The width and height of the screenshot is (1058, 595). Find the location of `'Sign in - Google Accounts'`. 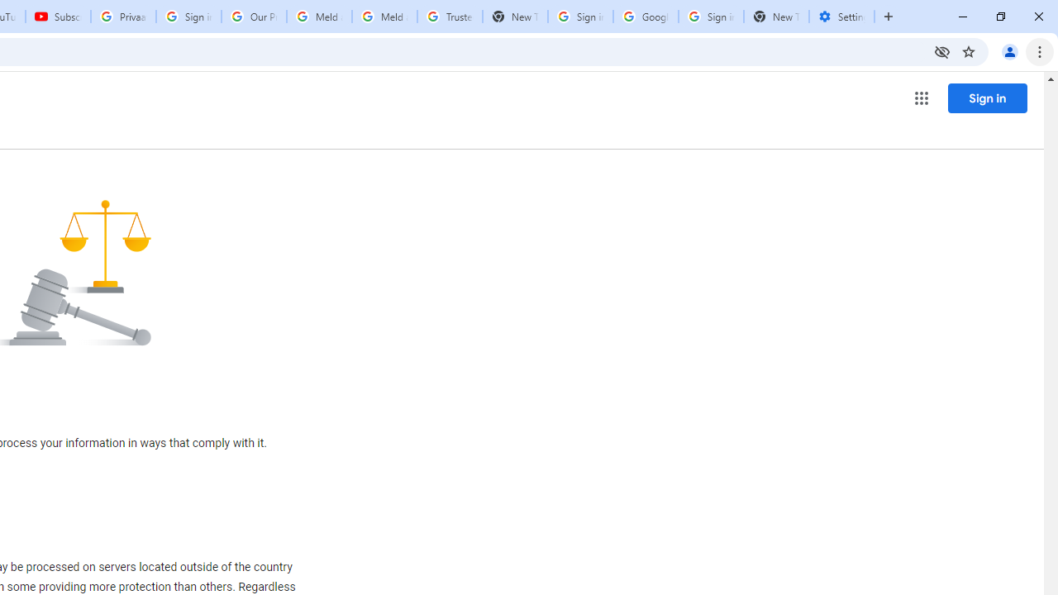

'Sign in - Google Accounts' is located at coordinates (580, 17).